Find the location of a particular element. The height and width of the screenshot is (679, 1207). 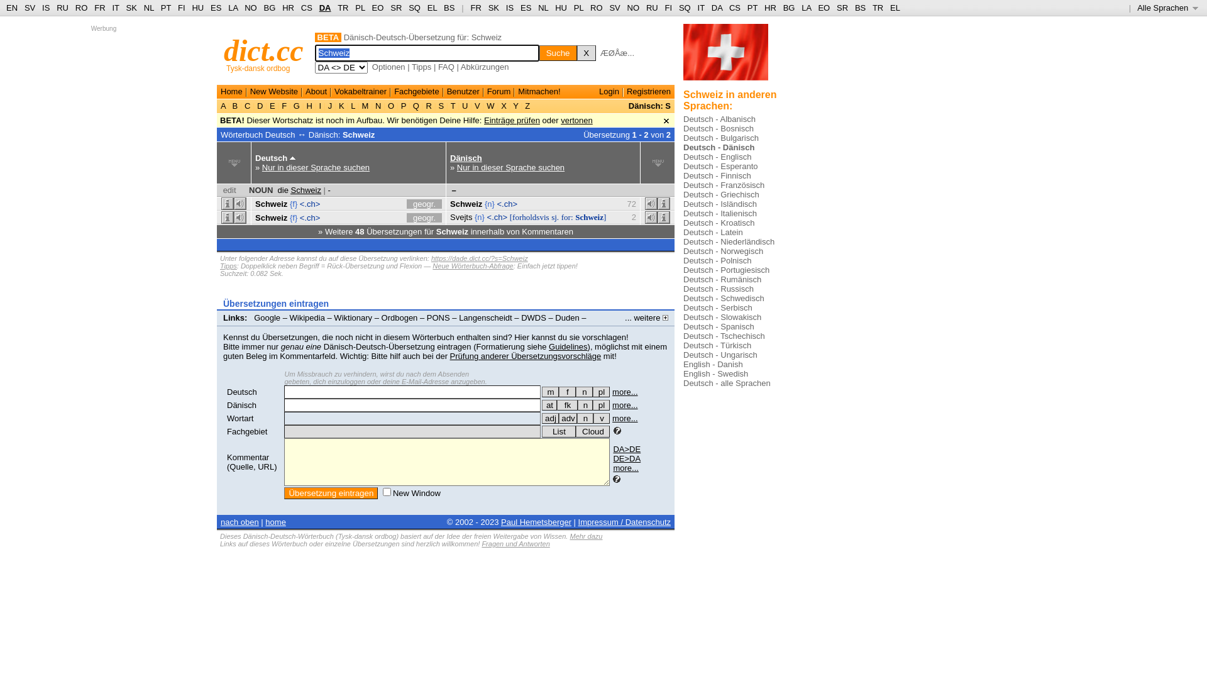

'adv' is located at coordinates (567, 418).